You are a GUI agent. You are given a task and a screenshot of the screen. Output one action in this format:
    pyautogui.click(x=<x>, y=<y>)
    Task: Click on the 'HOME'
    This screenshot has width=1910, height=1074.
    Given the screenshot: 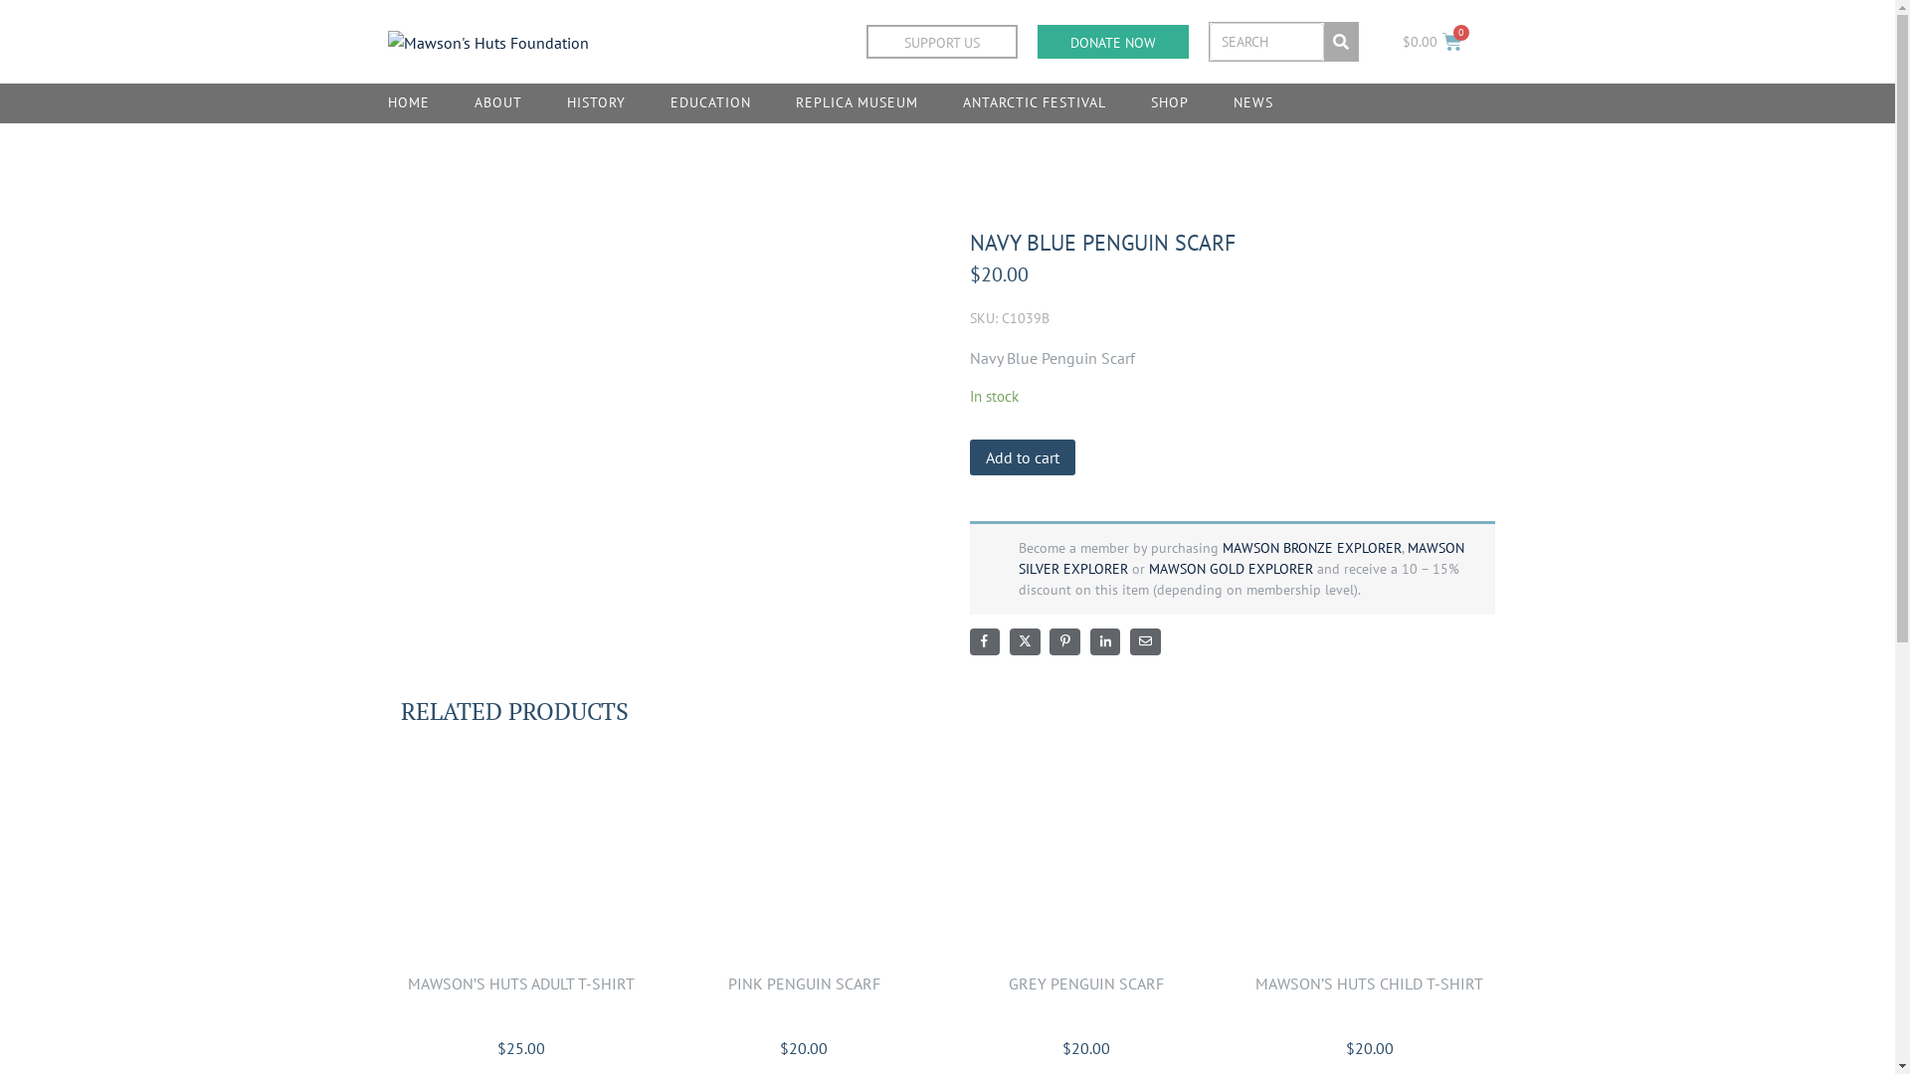 What is the action you would take?
    pyautogui.click(x=408, y=103)
    